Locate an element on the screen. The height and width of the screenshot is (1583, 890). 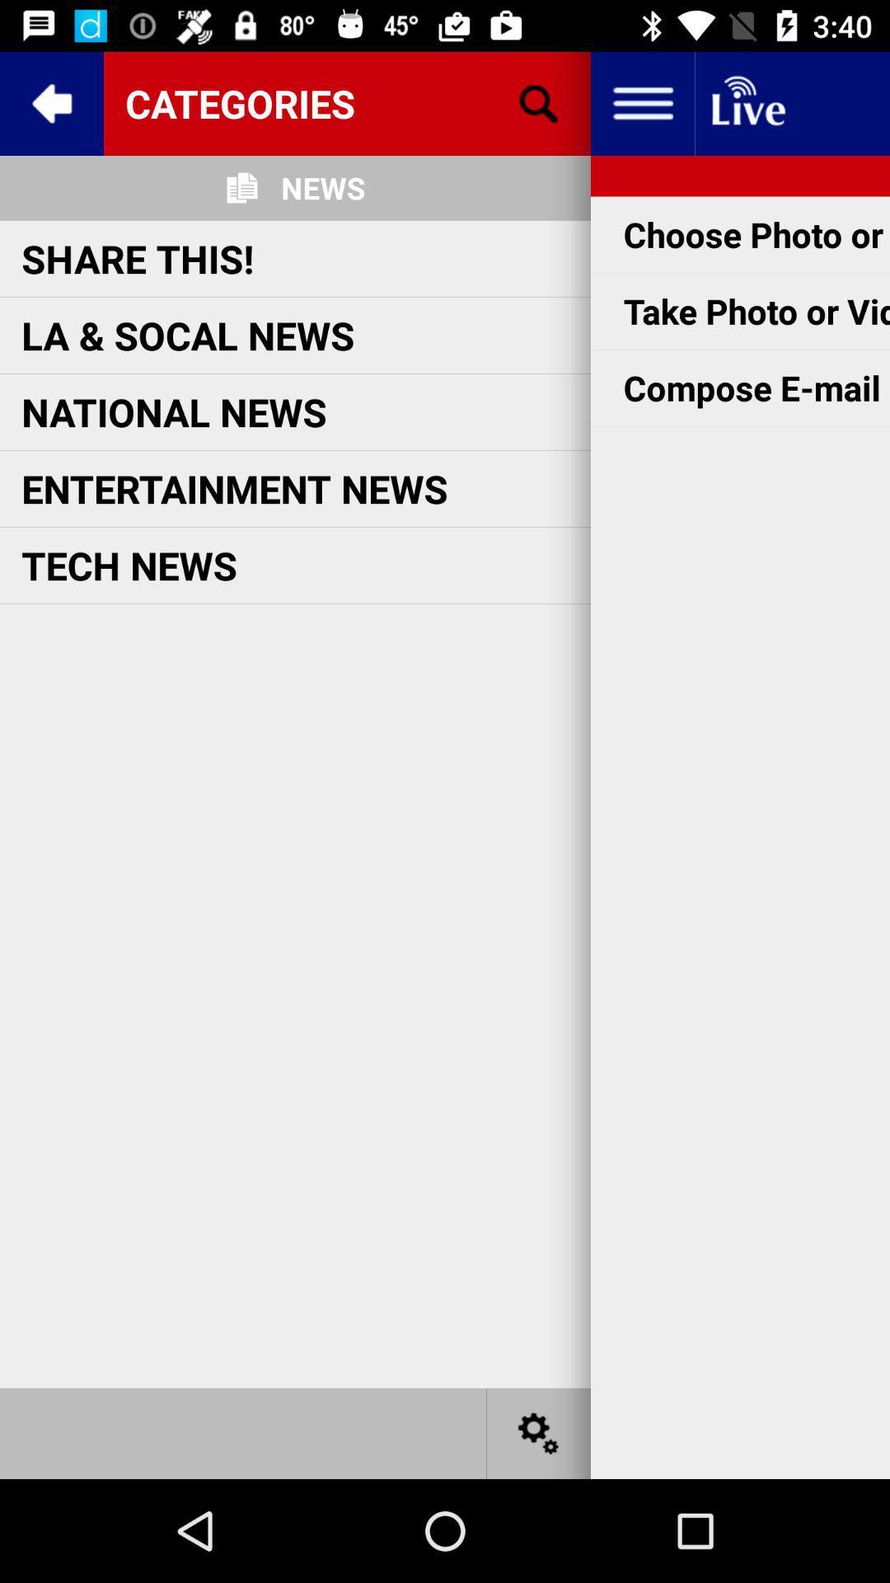
search another categories is located at coordinates (539, 102).